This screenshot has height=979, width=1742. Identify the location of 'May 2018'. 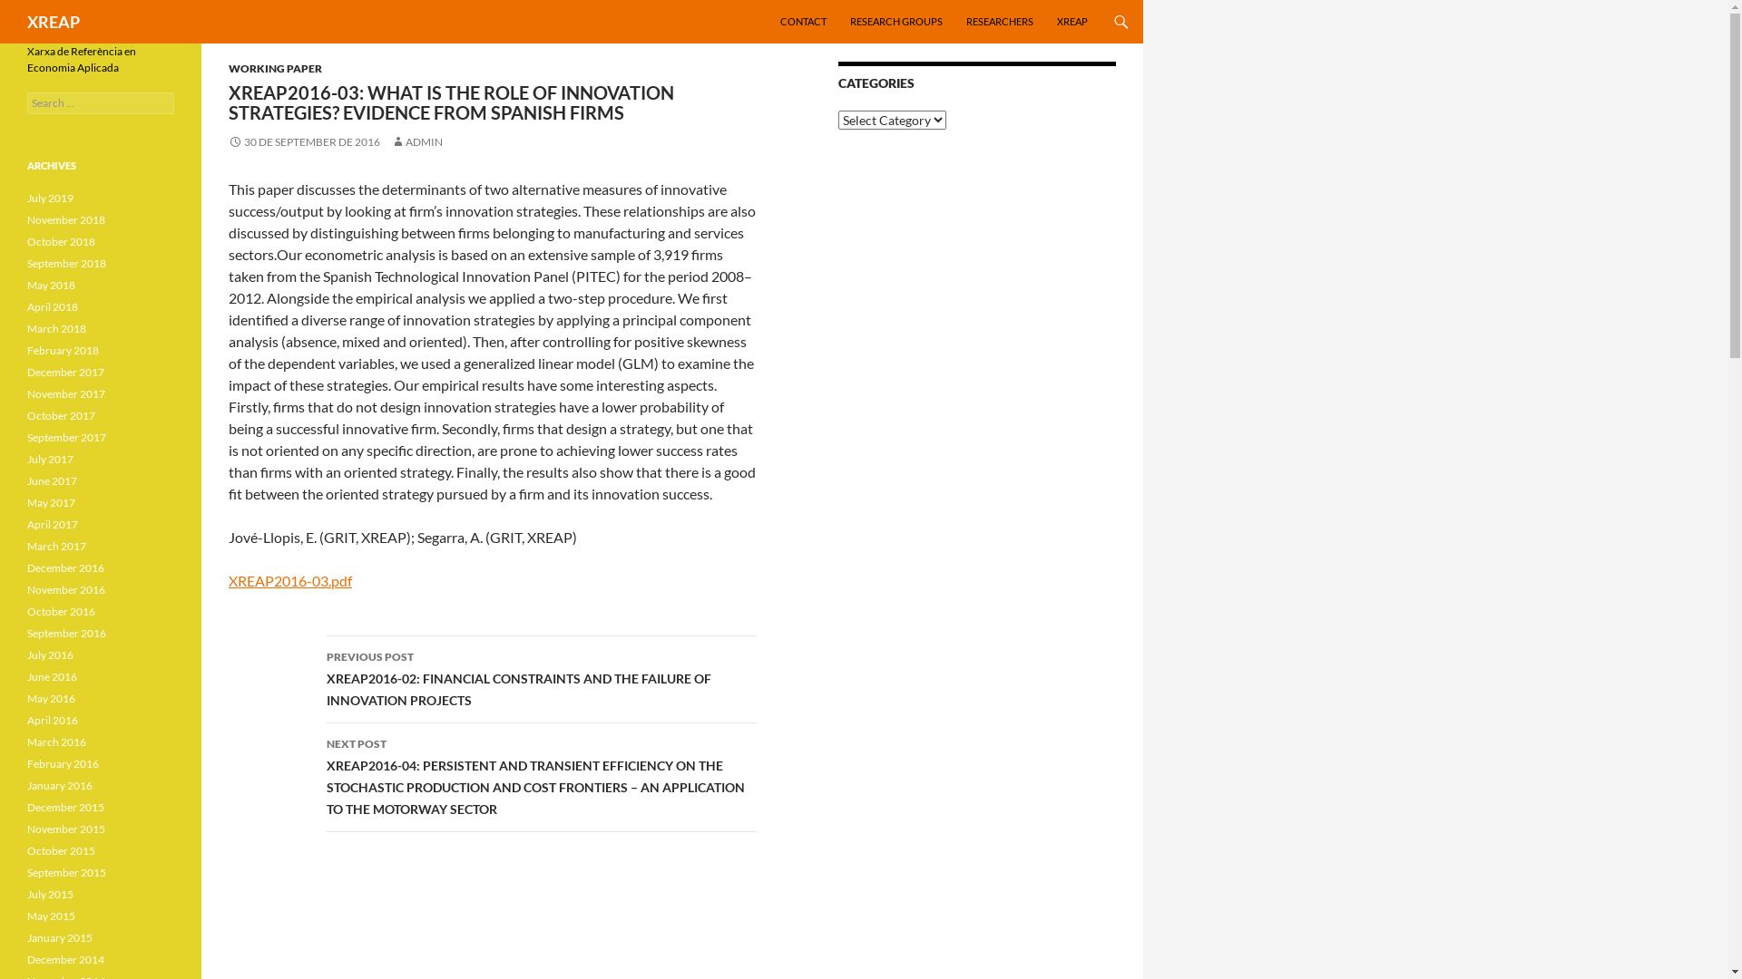
(51, 285).